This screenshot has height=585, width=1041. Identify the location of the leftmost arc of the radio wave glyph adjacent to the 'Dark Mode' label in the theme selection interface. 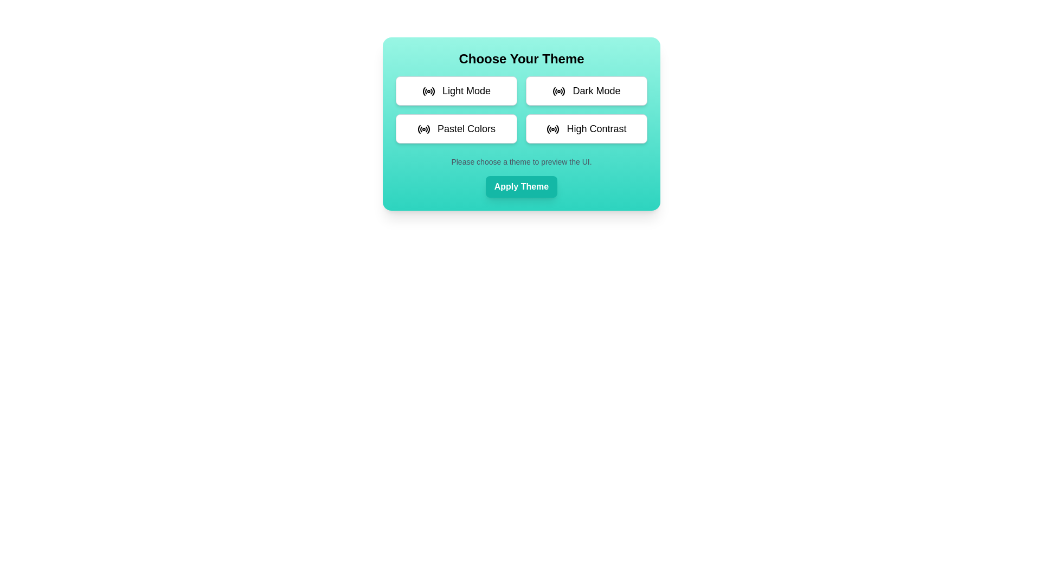
(554, 91).